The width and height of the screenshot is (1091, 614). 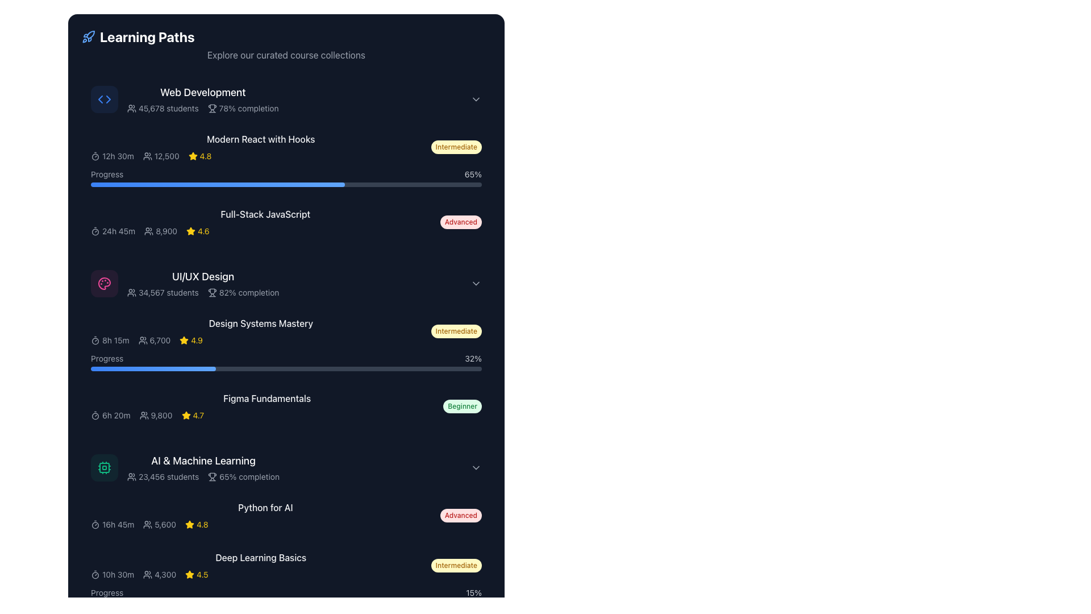 What do you see at coordinates (286, 515) in the screenshot?
I see `the course details card located in the 'AI & Machine Learning' section, specifically positioned below the 'Figma Fundamentals' course and above the 'Deep Learning Basics' course` at bounding box center [286, 515].